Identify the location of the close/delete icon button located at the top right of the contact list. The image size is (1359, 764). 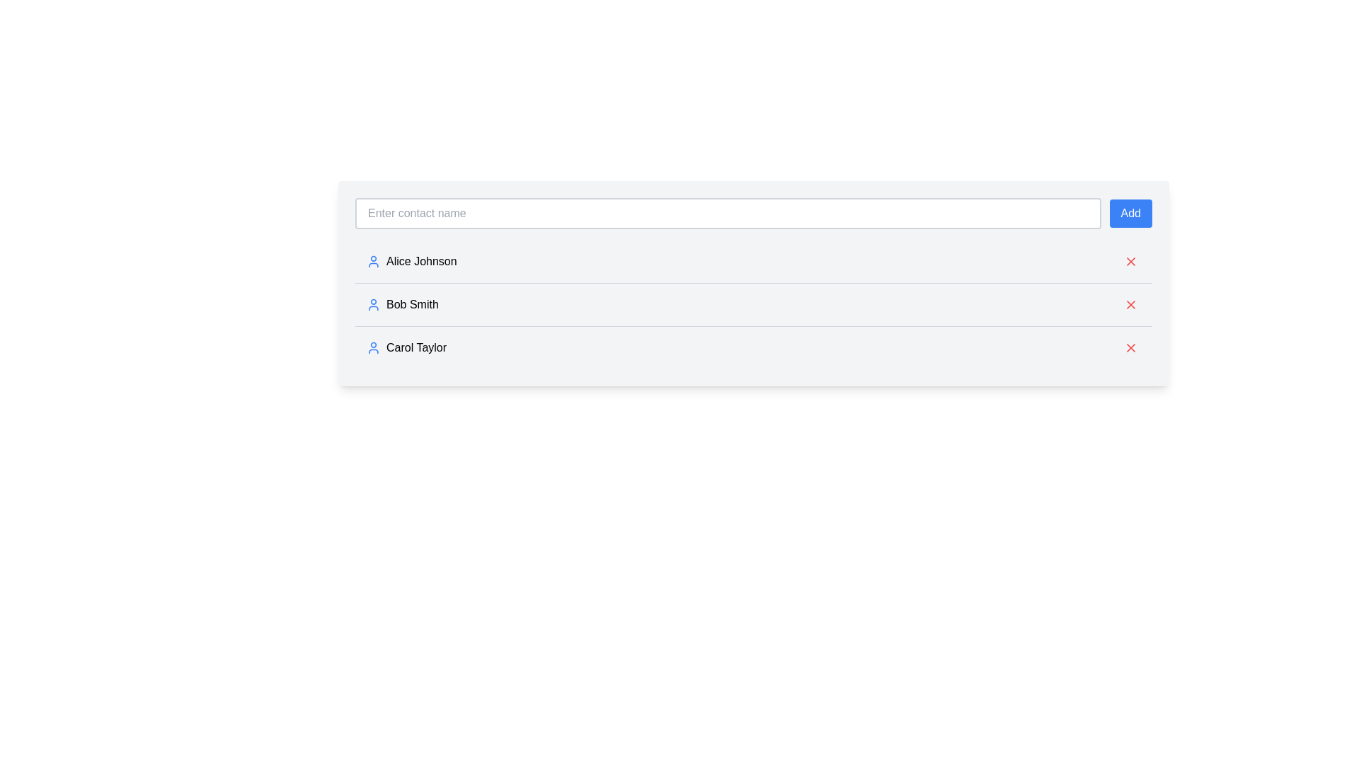
(1130, 262).